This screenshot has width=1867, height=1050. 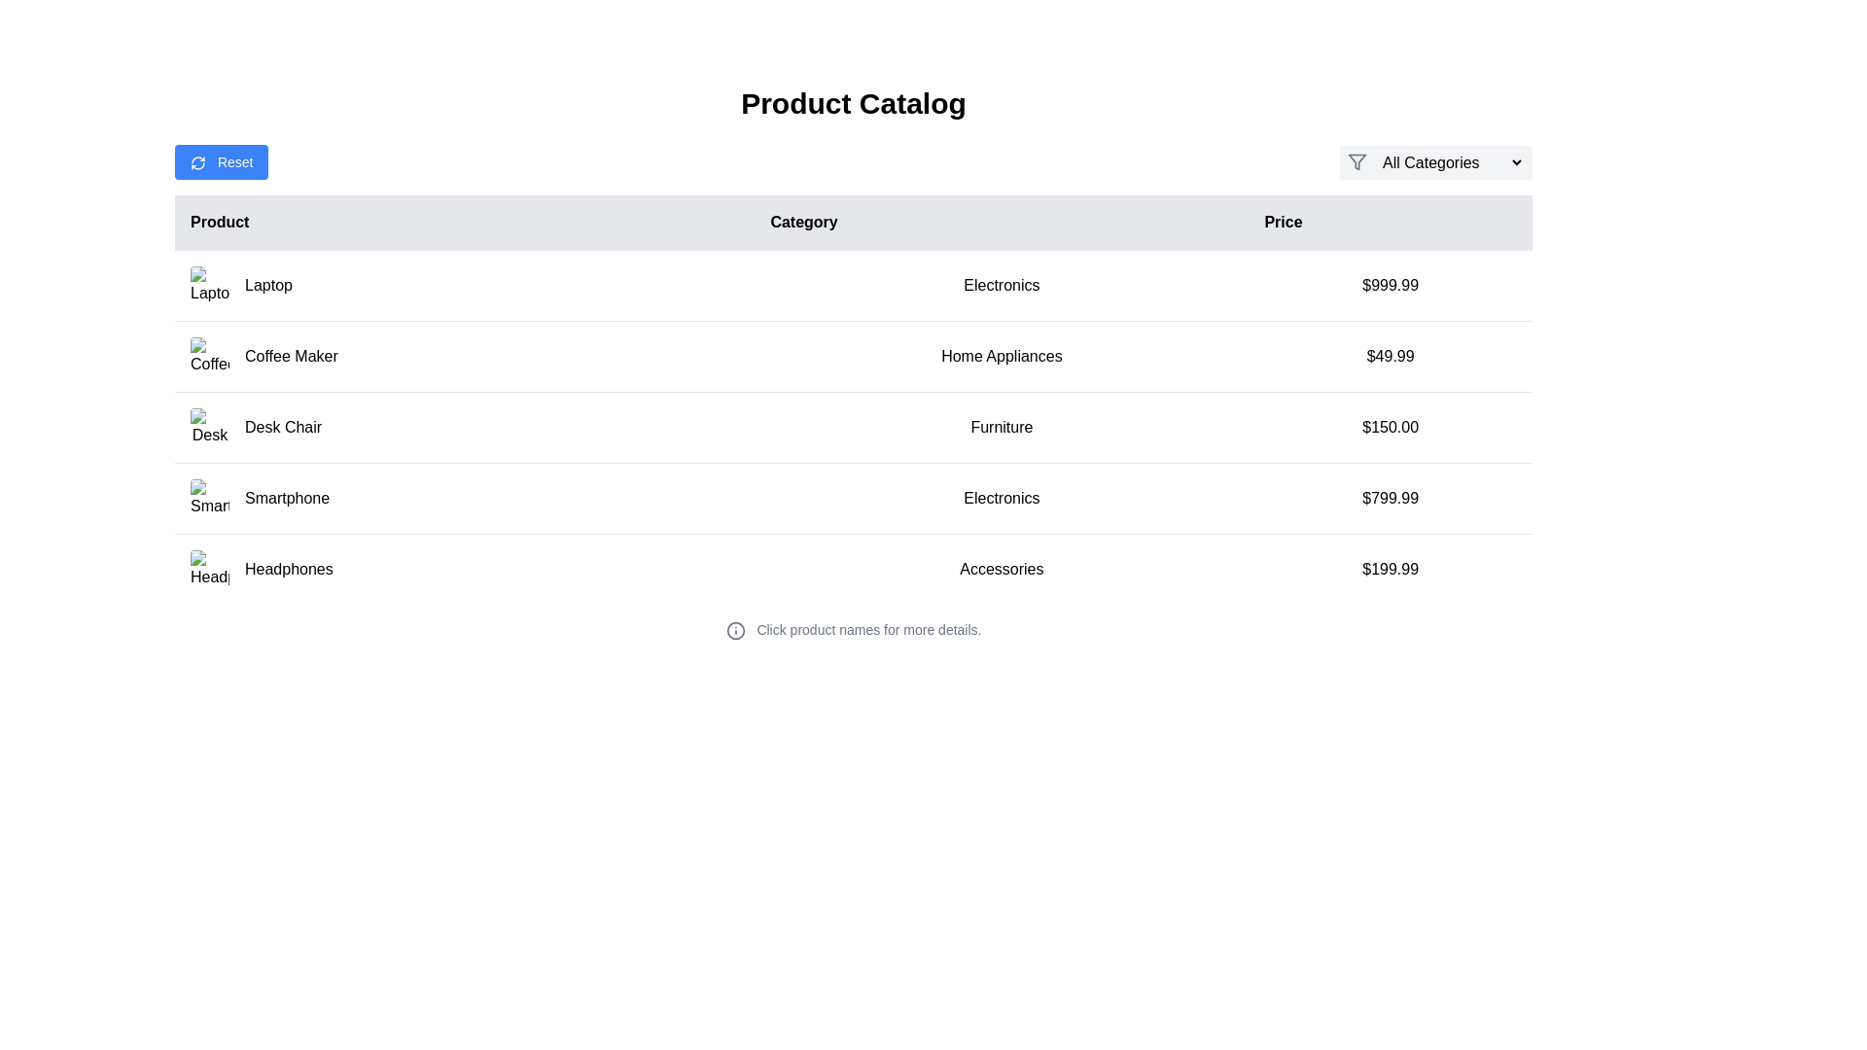 What do you see at coordinates (854, 285) in the screenshot?
I see `the first row of the product list displaying information about the Laptop, which spans across the first, second, and third columns` at bounding box center [854, 285].